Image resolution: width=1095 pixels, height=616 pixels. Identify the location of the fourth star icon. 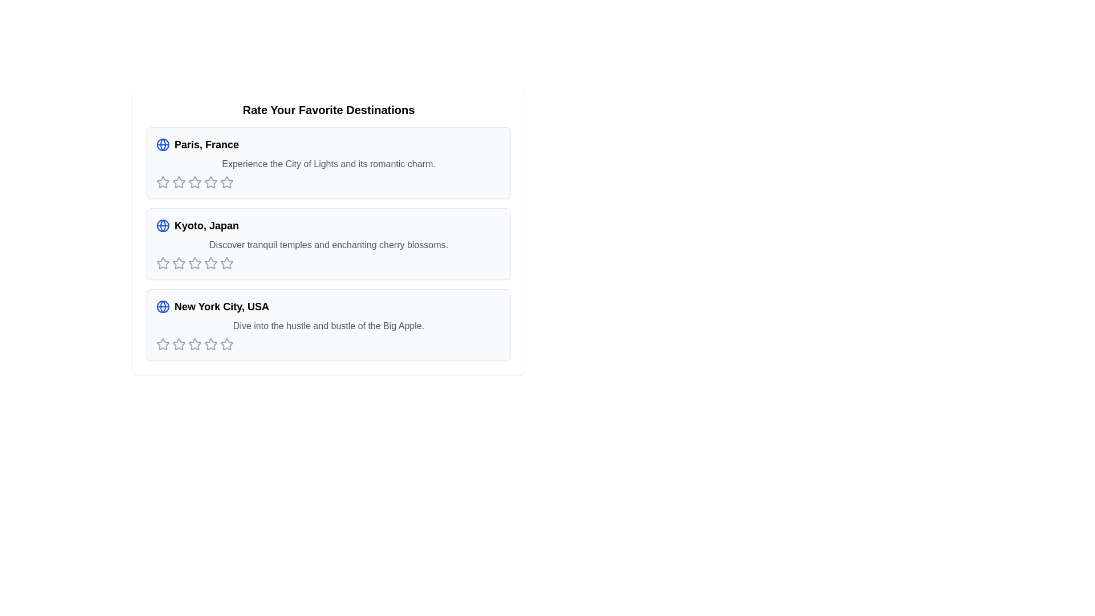
(227, 181).